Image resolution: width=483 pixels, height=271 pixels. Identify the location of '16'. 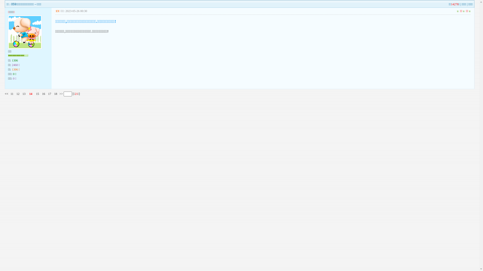
(43, 94).